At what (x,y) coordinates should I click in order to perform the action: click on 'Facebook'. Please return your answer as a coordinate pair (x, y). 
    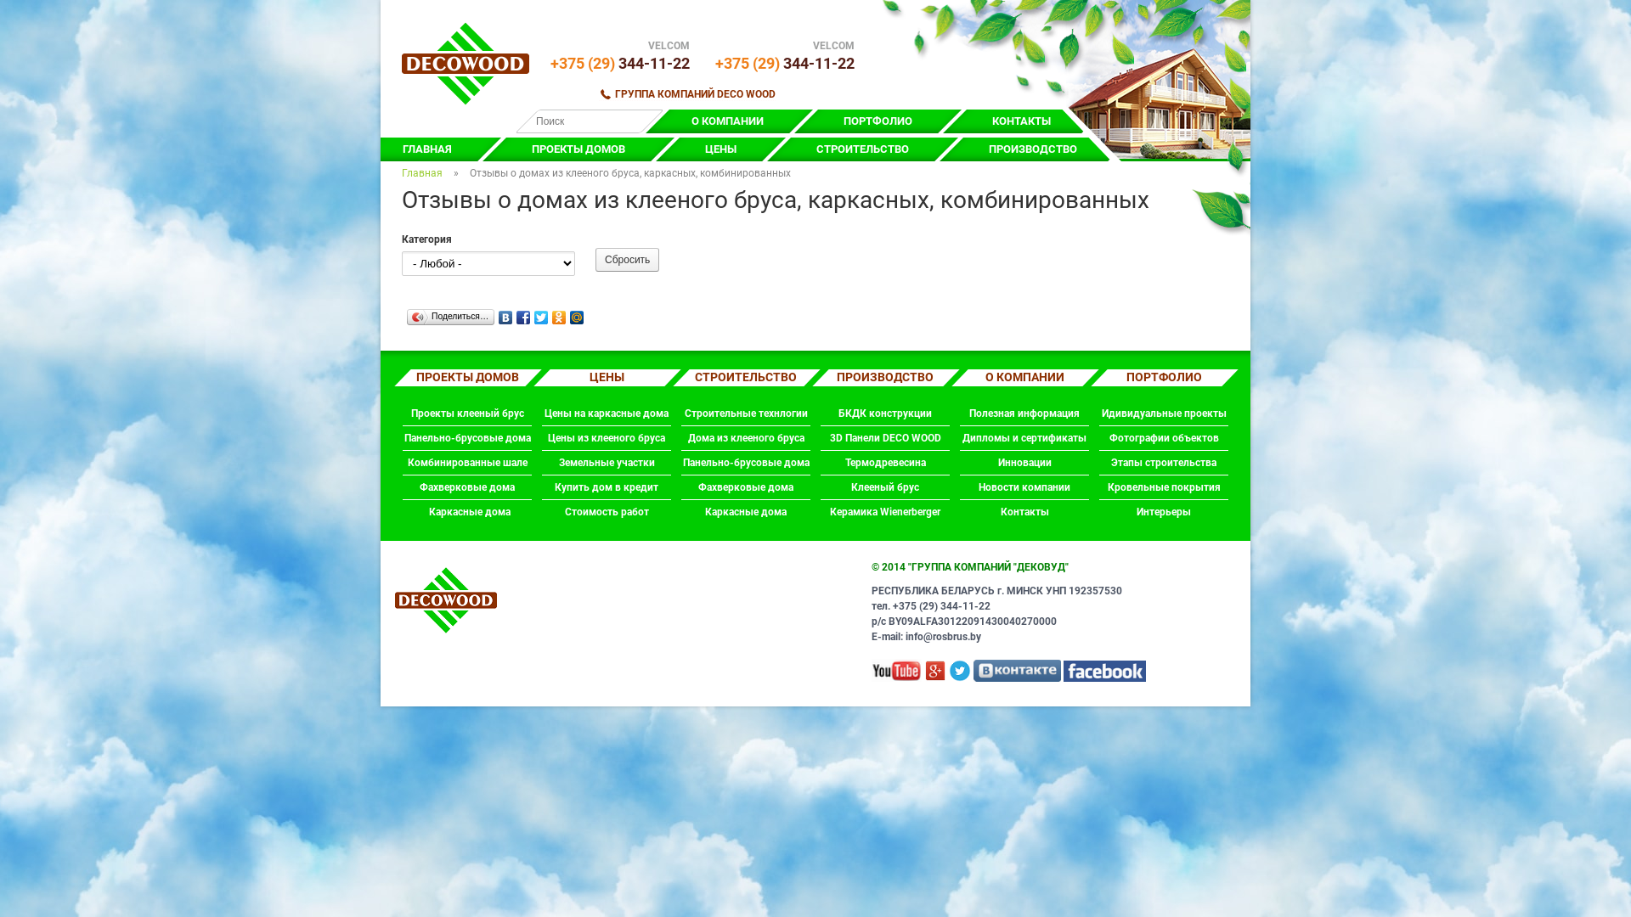
    Looking at the image, I should click on (522, 313).